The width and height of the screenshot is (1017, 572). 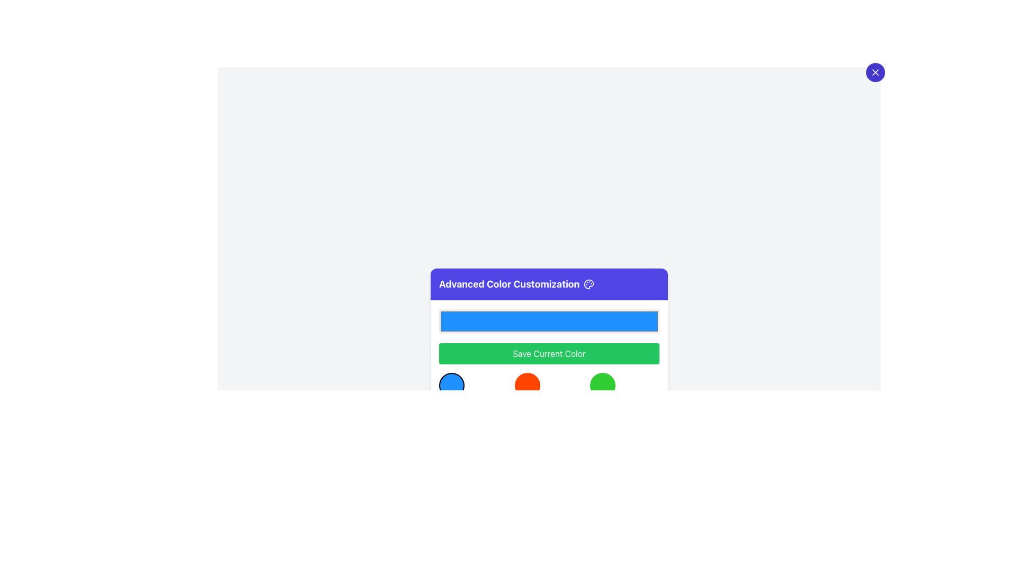 I want to click on the Color Picker Input located within the 'Advanced Color Customization' modal, so click(x=549, y=320).